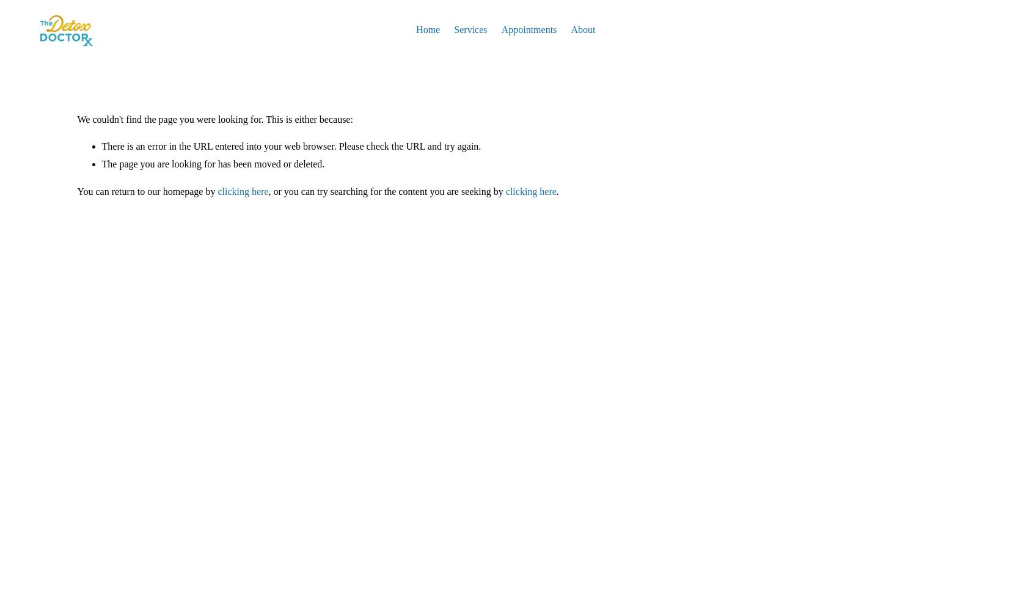  What do you see at coordinates (386, 191) in the screenshot?
I see `', or you can try searching for the
  content you are seeking by'` at bounding box center [386, 191].